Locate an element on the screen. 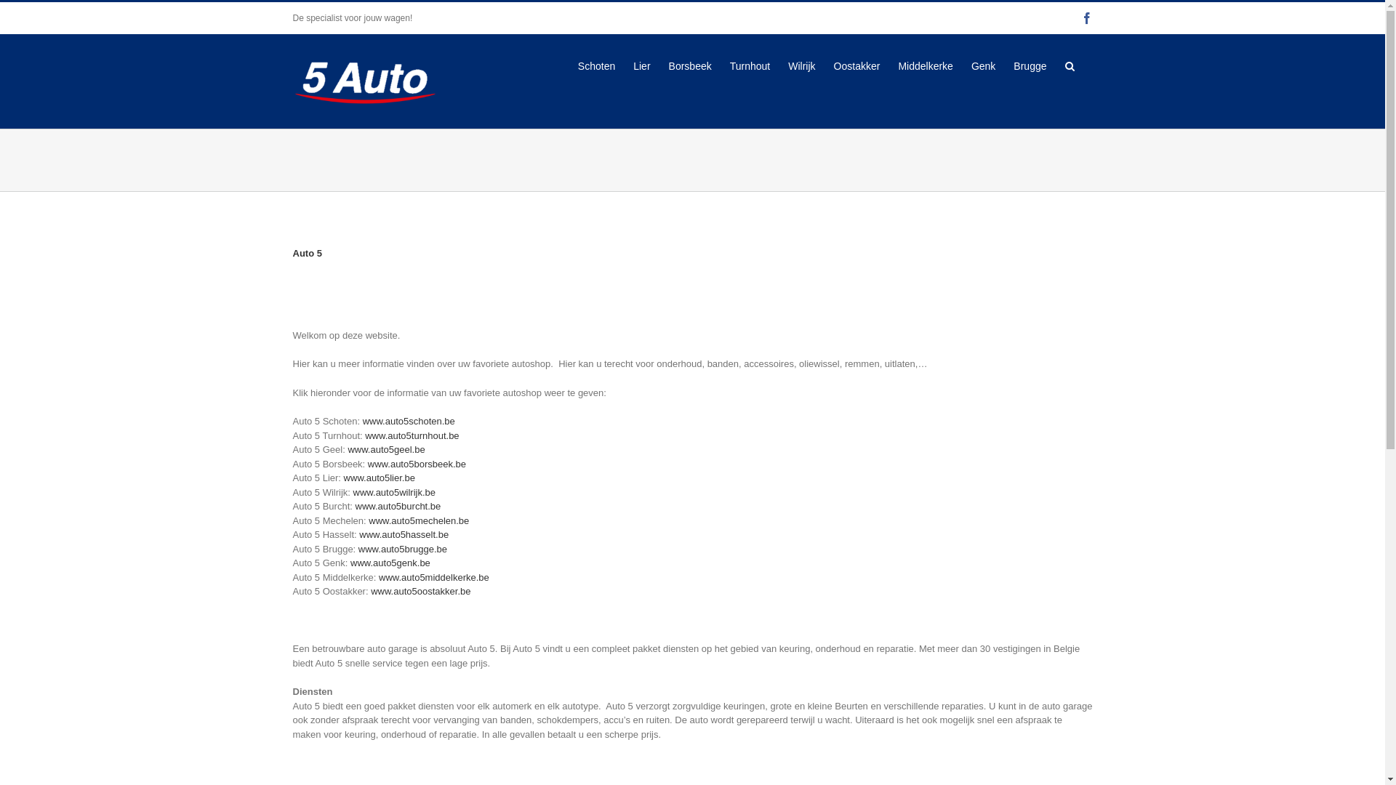 The width and height of the screenshot is (1396, 785). 'www.auto5burcht.be' is located at coordinates (398, 505).